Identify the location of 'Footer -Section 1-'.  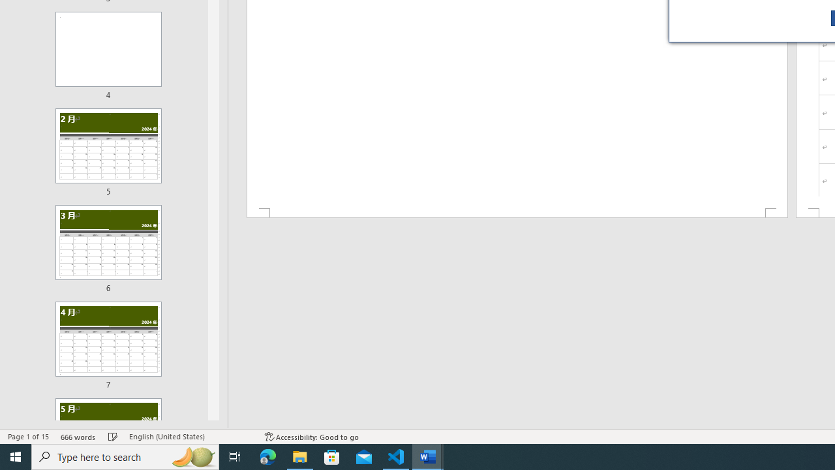
(516, 212).